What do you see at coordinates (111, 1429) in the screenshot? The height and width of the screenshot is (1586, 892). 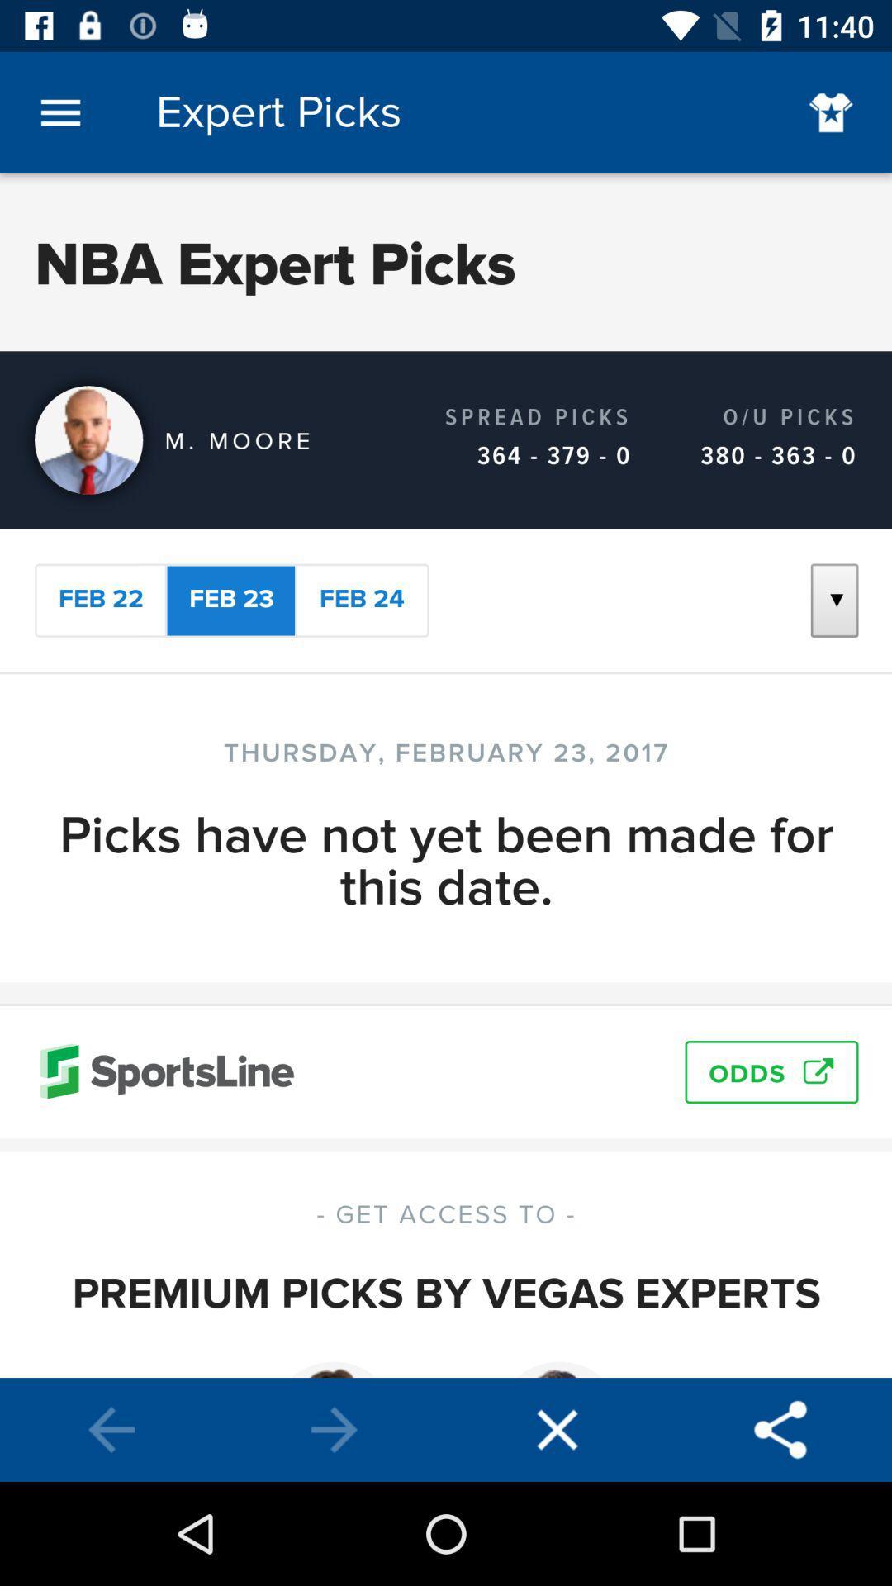 I see `go back` at bounding box center [111, 1429].